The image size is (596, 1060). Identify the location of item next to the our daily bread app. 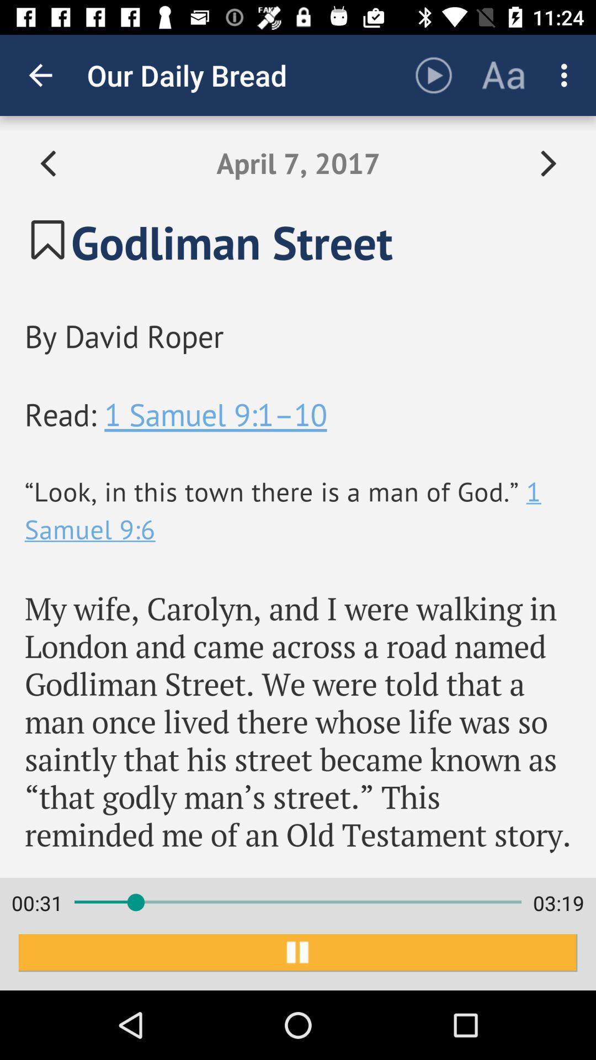
(40, 75).